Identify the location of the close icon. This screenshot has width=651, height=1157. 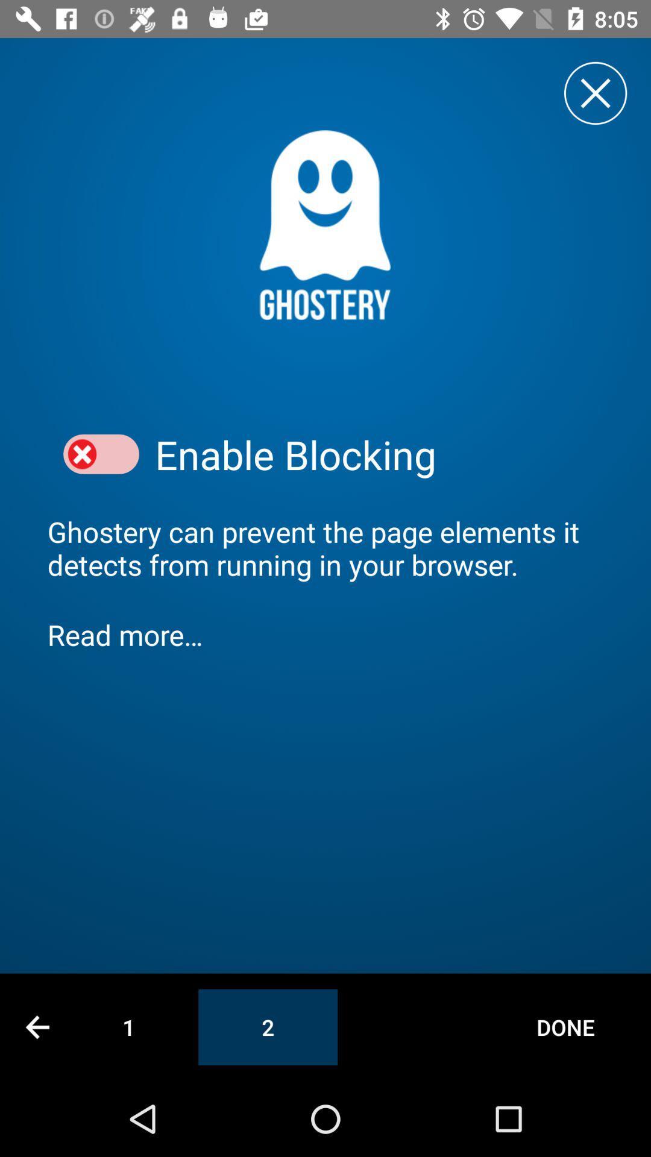
(595, 92).